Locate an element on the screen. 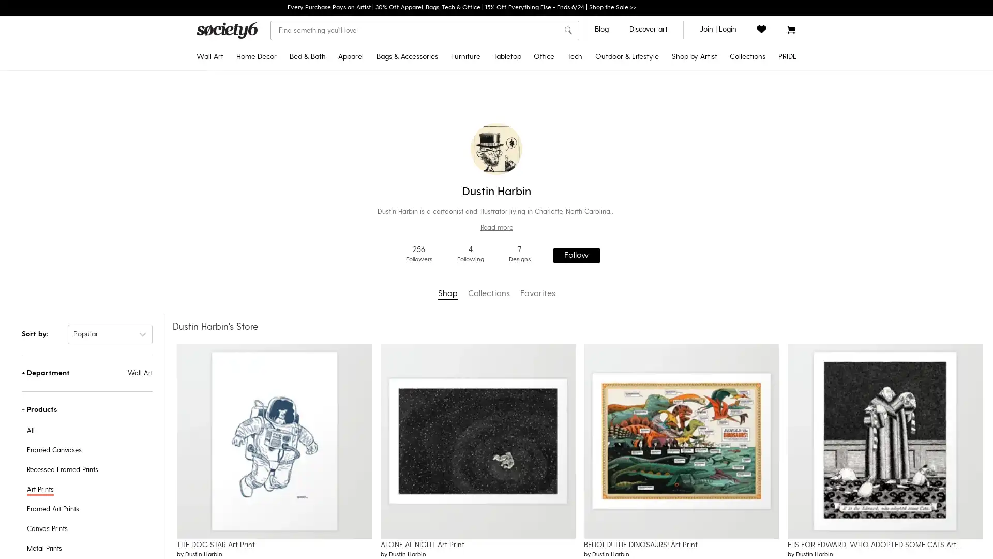  Metal Prints is located at coordinates (243, 215).